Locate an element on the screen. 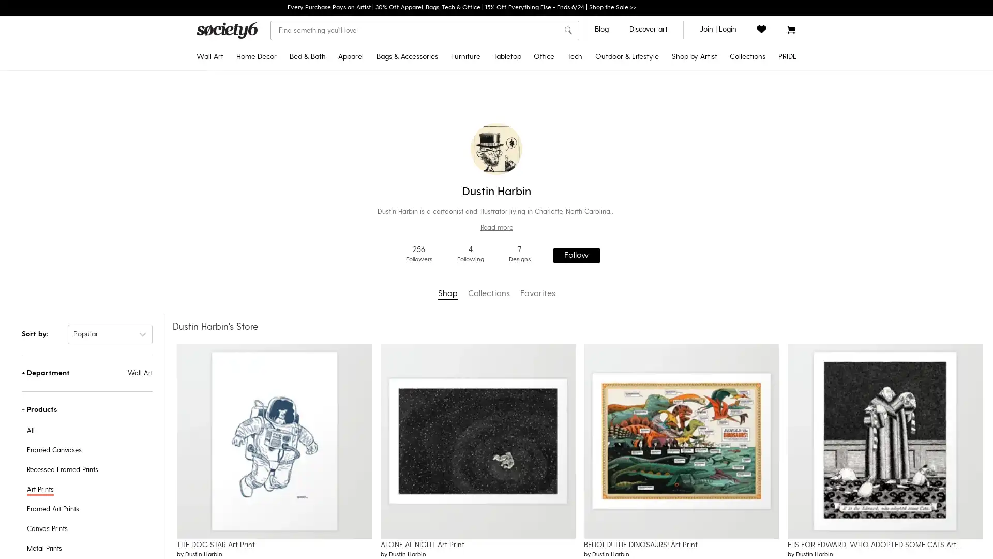  Metal Prints is located at coordinates (243, 215).